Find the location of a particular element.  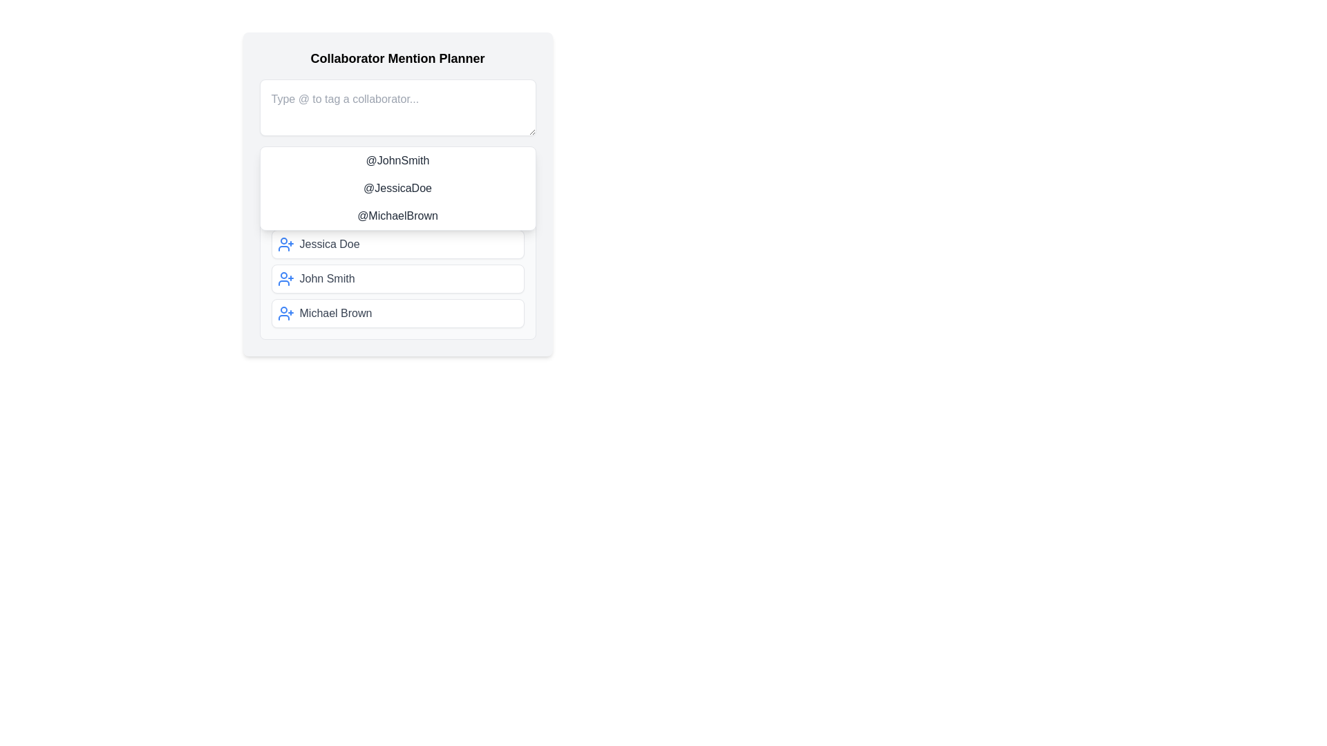

the text label '@JohnSmith' which is the first item in the dropdown menu is located at coordinates (397, 164).